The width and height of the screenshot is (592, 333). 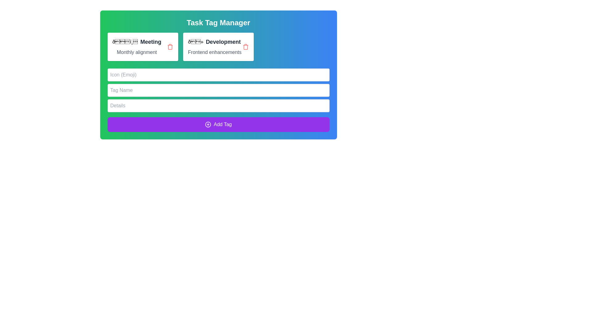 What do you see at coordinates (136, 42) in the screenshot?
I see `the 'Meeting' text element with an icon located in the first white card at the top left of the UI, which has a subtitle 'Monthly alignment'` at bounding box center [136, 42].